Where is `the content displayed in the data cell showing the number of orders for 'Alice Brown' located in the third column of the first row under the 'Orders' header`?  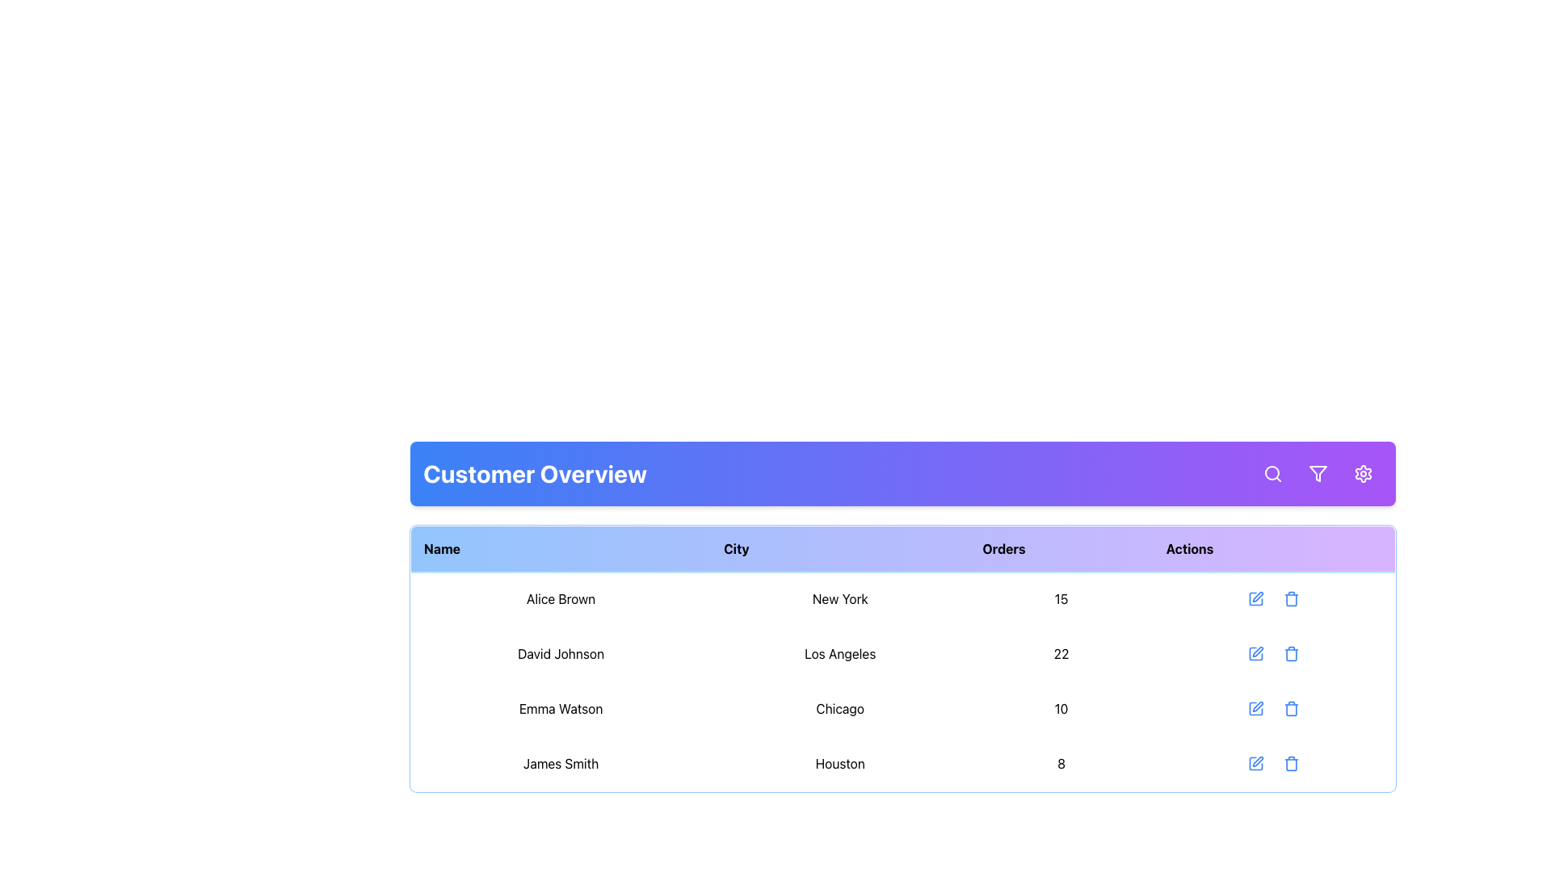 the content displayed in the data cell showing the number of orders for 'Alice Brown' located in the third column of the first row under the 'Orders' header is located at coordinates (1061, 598).